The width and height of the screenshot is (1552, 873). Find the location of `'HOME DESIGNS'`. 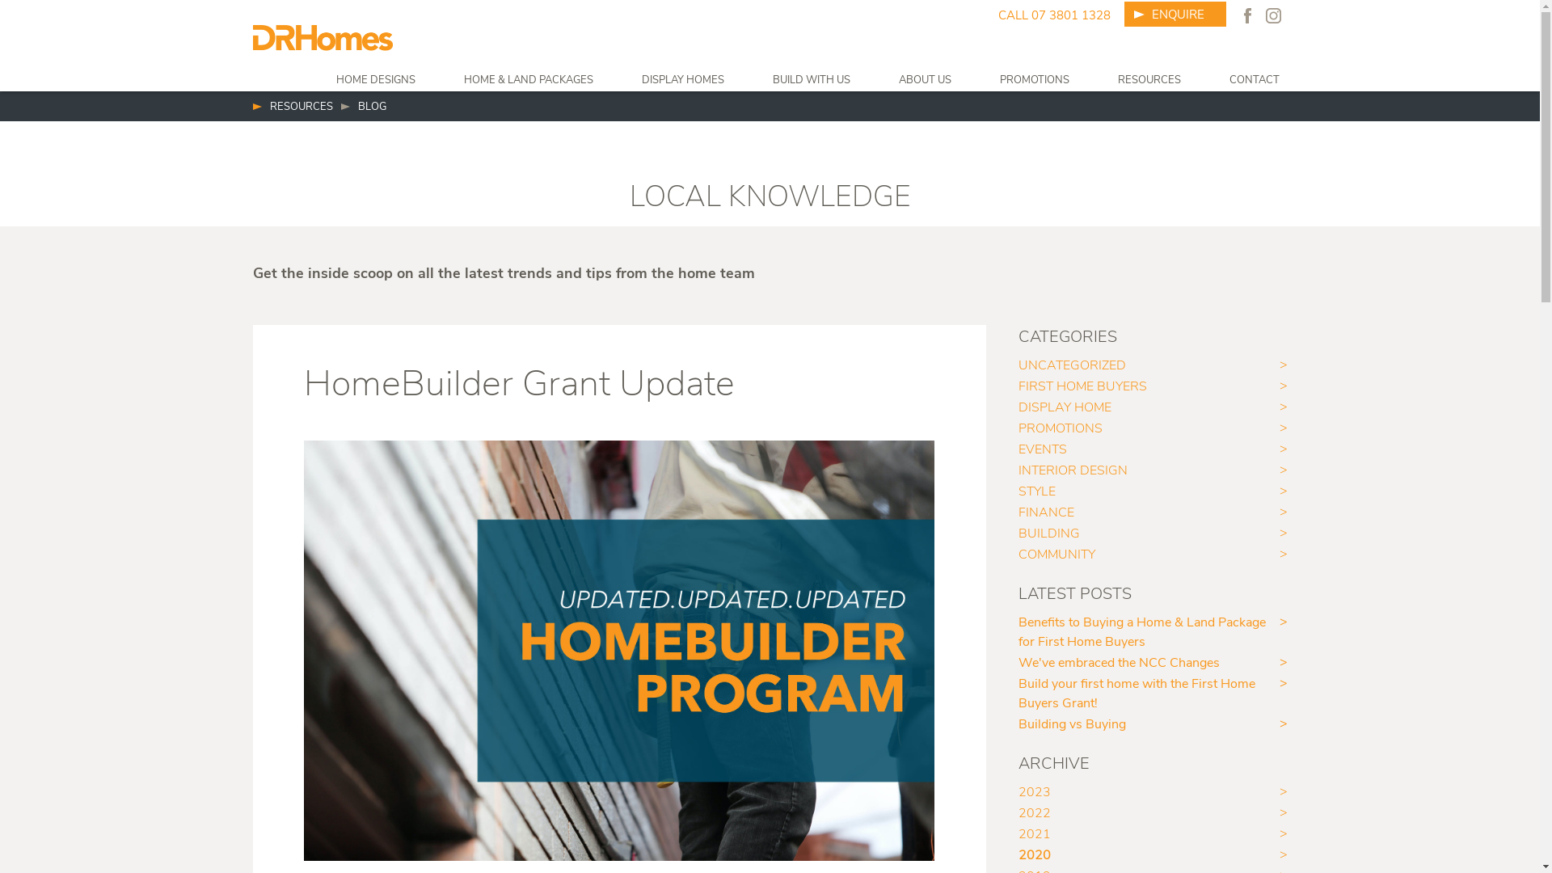

'HOME DESIGNS' is located at coordinates (375, 81).